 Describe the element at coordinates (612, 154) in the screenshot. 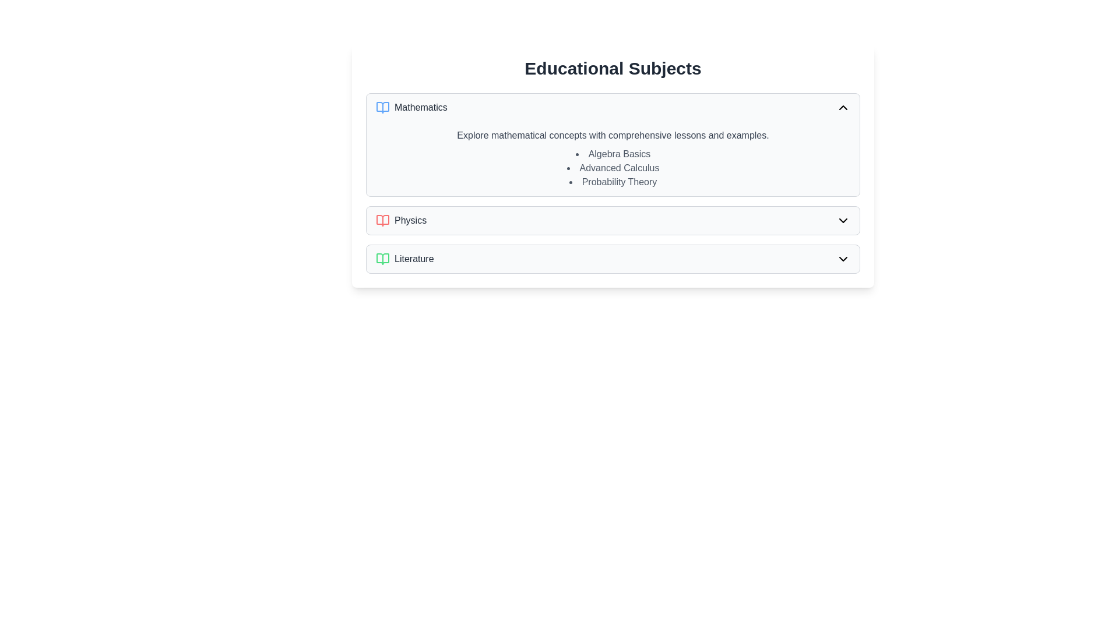

I see `the first title or label in the 'Mathematics' section, which serves as a clickable link or identifier for the corresponding content` at that location.